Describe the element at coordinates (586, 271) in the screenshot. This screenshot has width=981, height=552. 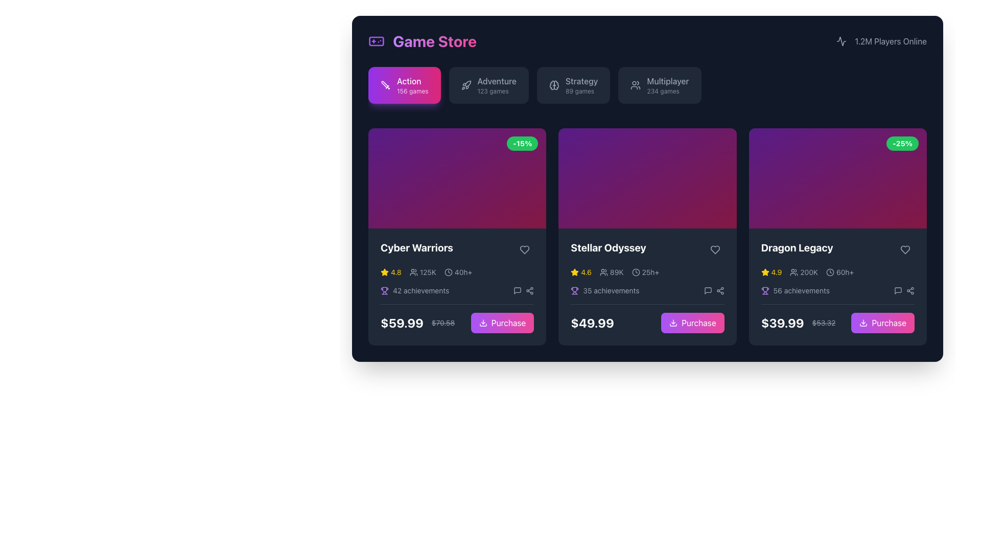
I see `the text label element displaying the rating '4.6' in yellow color, located on the second card titled 'Stellar Odyssey', positioned to the right of a star icon` at that location.